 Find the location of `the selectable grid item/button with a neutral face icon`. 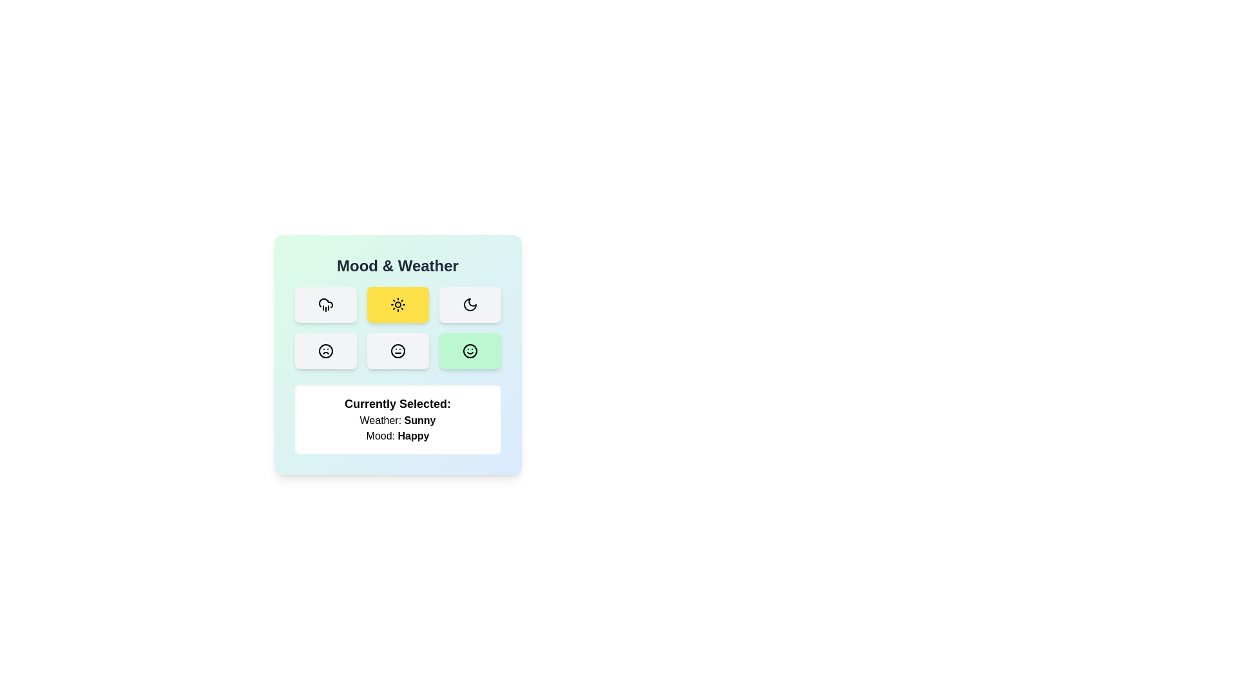

the selectable grid item/button with a neutral face icon is located at coordinates (397, 351).